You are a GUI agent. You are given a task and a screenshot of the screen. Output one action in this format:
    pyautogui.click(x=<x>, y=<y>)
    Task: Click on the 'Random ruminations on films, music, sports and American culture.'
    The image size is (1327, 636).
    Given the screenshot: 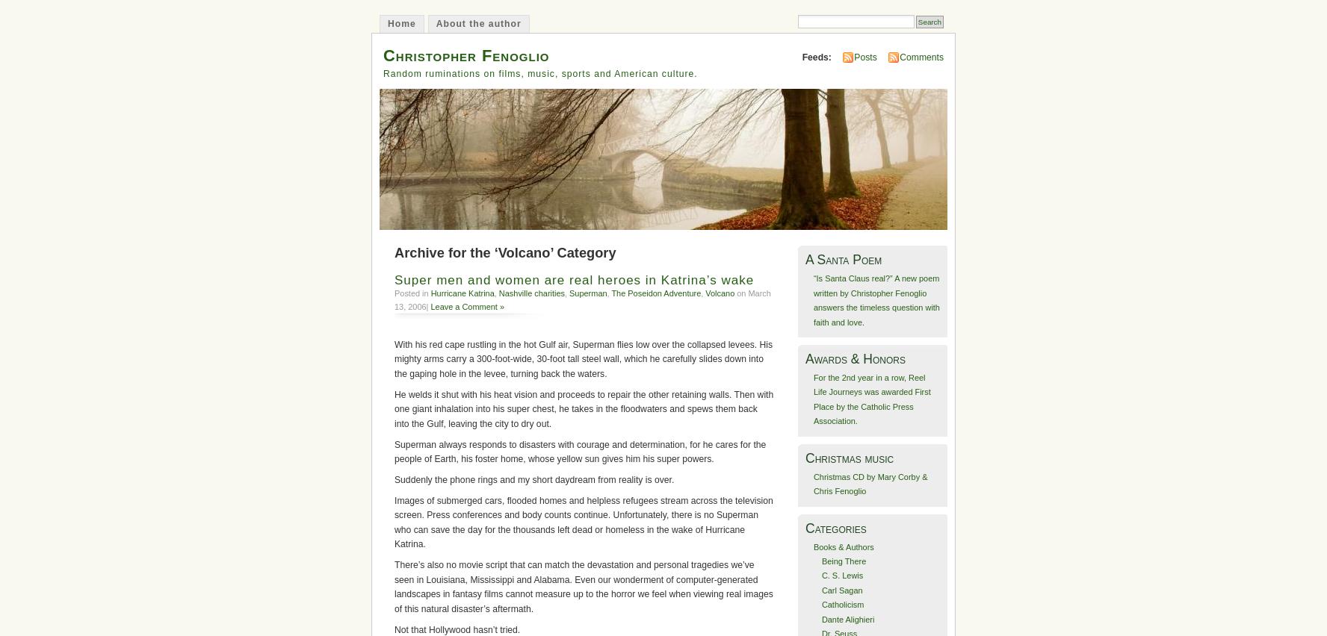 What is the action you would take?
    pyautogui.click(x=540, y=72)
    